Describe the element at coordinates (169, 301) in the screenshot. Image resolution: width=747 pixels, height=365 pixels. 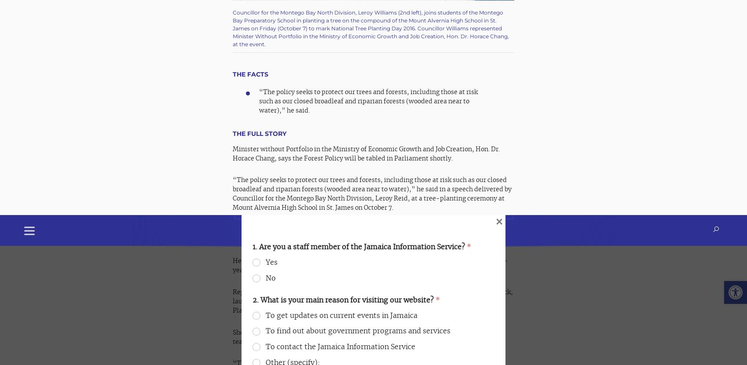
I see `'Heritage Sites'` at that location.